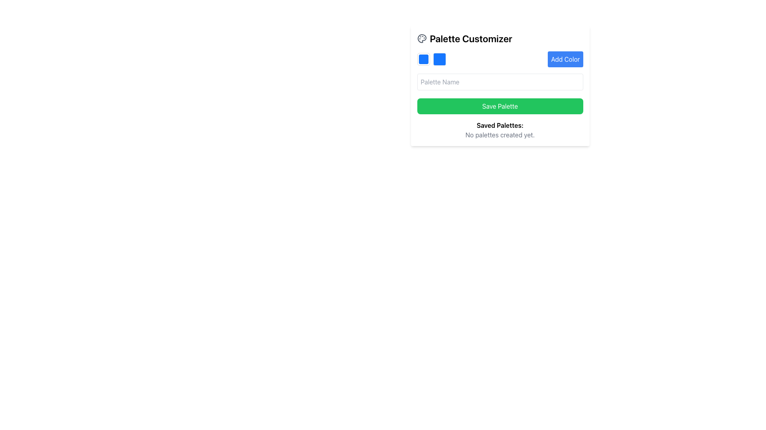 Image resolution: width=766 pixels, height=430 pixels. Describe the element at coordinates (423, 59) in the screenshot. I see `the Color Picker Button, which is a small square icon with a white border and a blue square inside, located in the header section of the 'Palette Customizer' widget` at that location.